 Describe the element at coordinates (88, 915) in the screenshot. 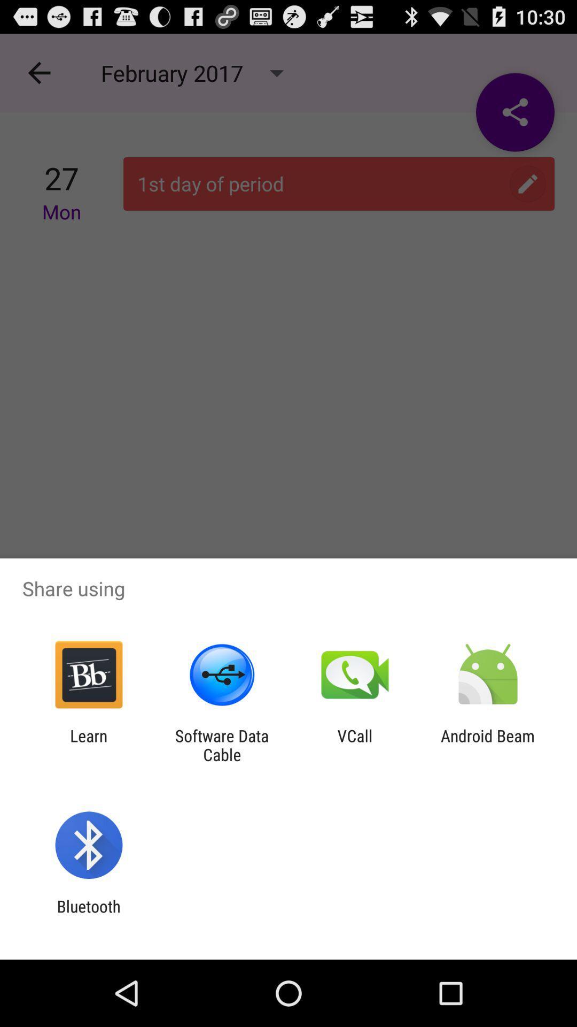

I see `bluetooth` at that location.